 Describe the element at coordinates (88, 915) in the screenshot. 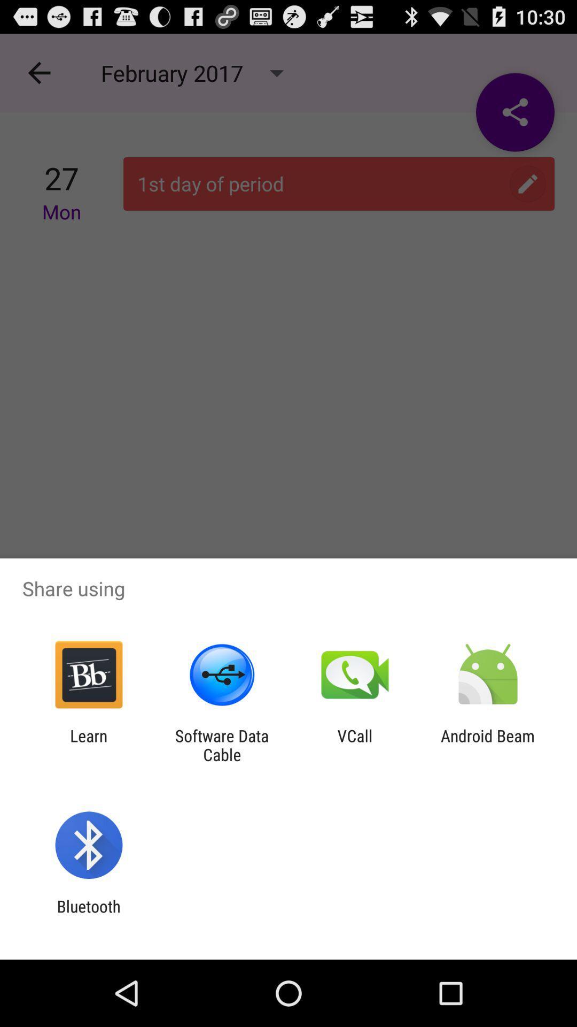

I see `bluetooth` at that location.